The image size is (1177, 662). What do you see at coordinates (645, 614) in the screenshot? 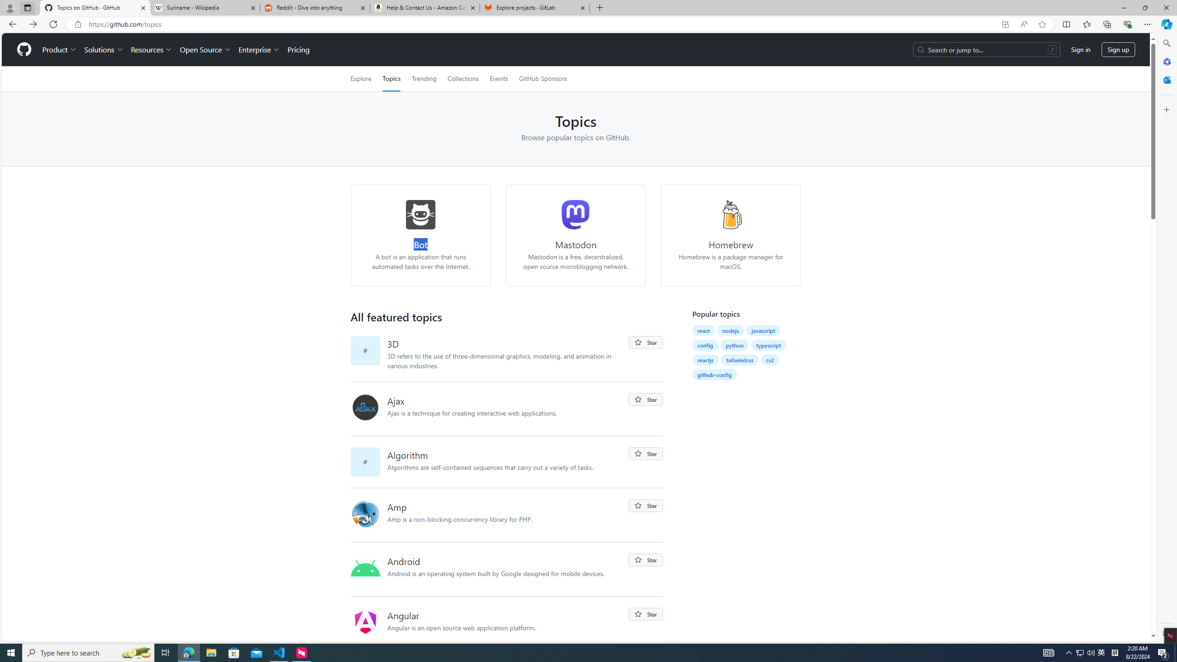
I see `'You must be signed in to star a repository'` at bounding box center [645, 614].